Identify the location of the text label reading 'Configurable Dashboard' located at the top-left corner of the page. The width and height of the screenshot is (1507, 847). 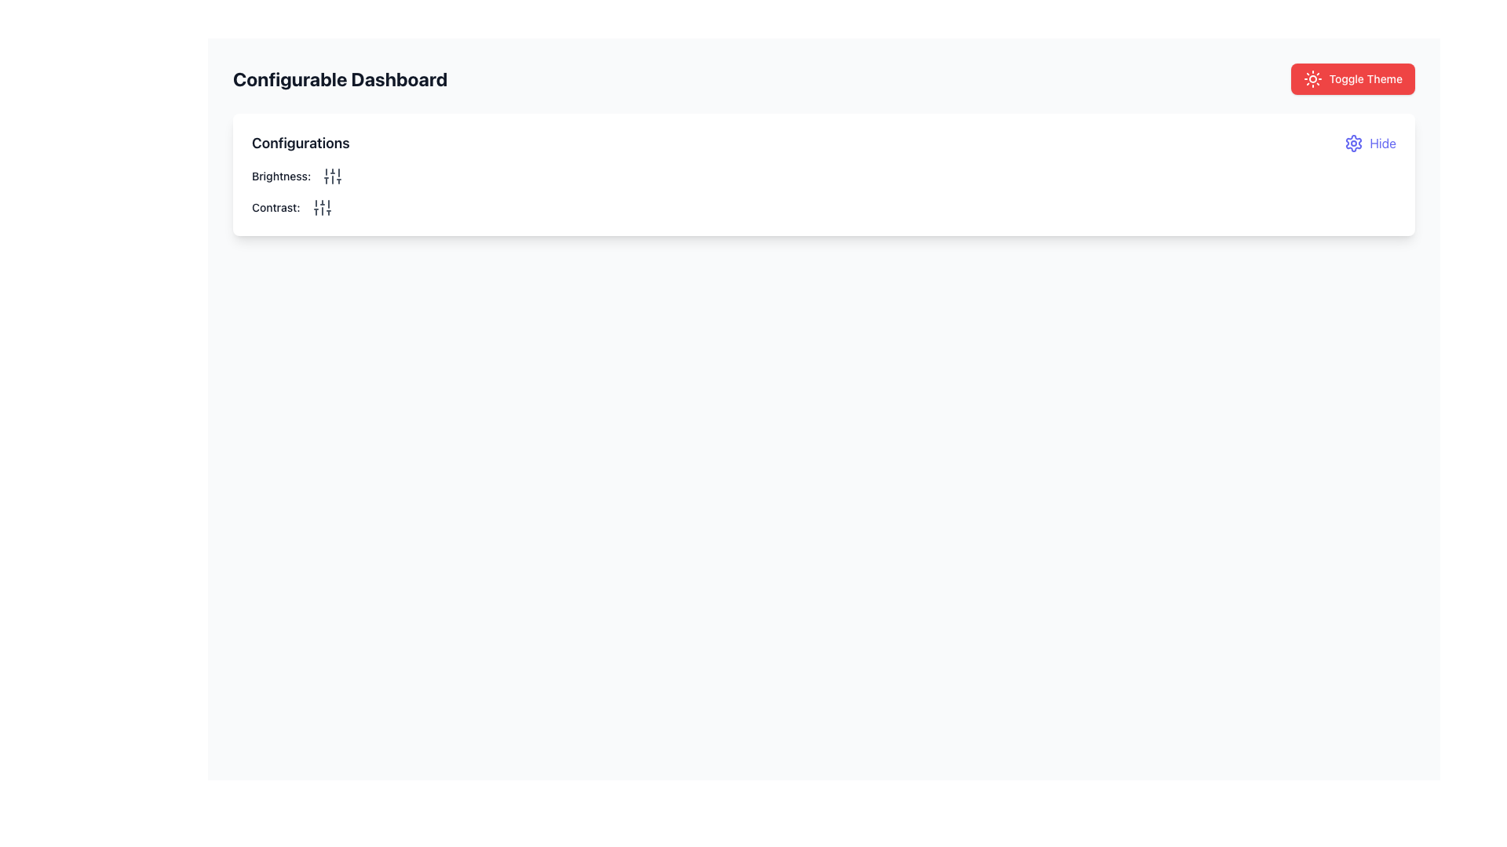
(339, 78).